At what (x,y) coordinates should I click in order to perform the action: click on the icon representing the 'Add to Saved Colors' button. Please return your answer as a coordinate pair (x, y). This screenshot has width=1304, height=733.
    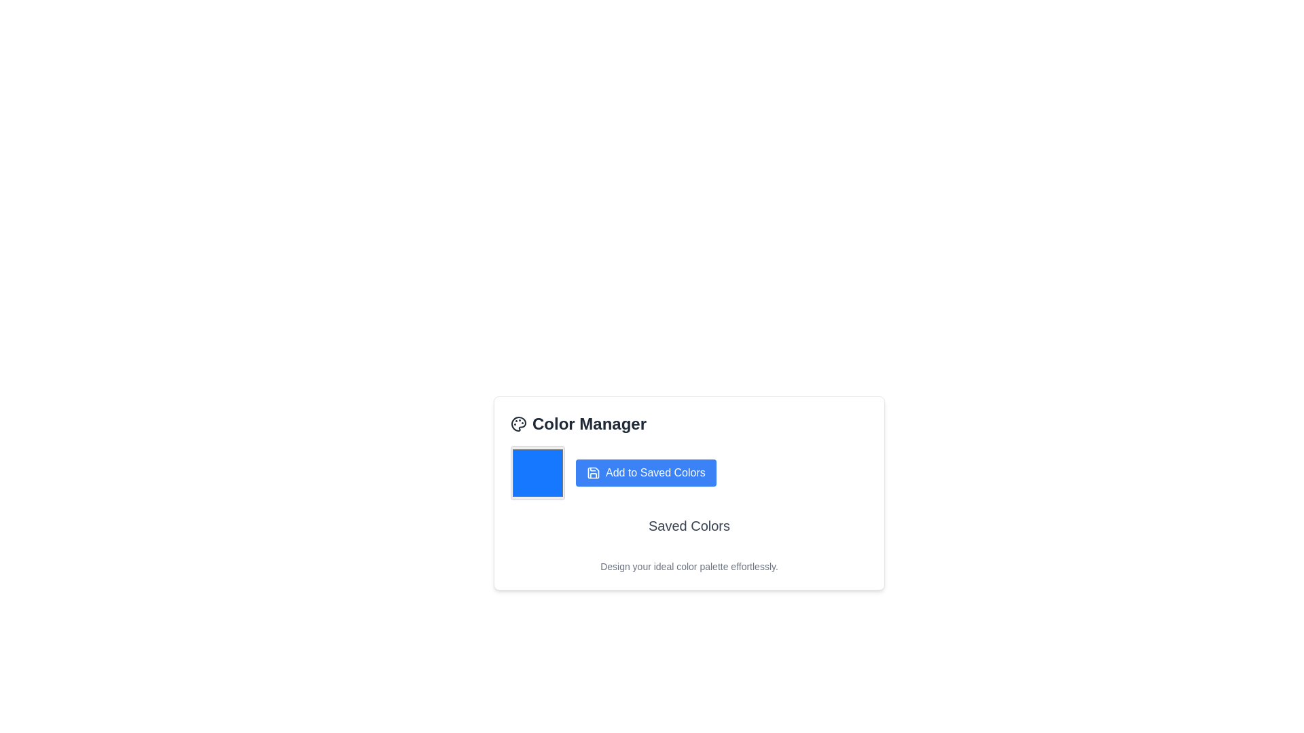
    Looking at the image, I should click on (593, 472).